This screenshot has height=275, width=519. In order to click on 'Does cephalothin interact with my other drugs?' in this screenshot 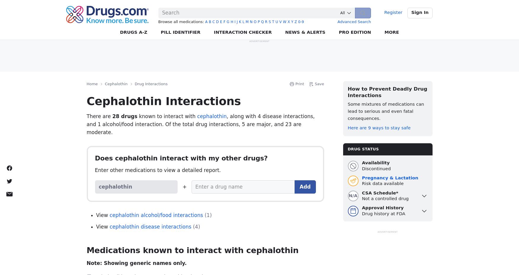, I will do `click(94, 158)`.